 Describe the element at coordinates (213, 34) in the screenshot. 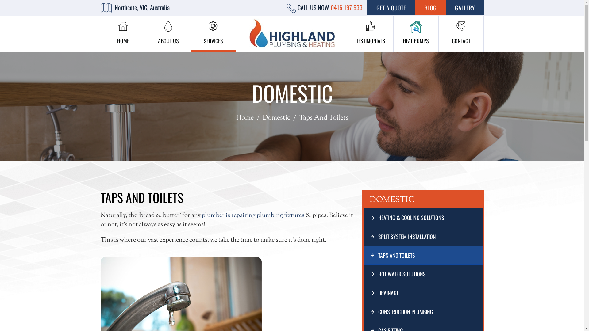

I see `'SERVICES'` at that location.